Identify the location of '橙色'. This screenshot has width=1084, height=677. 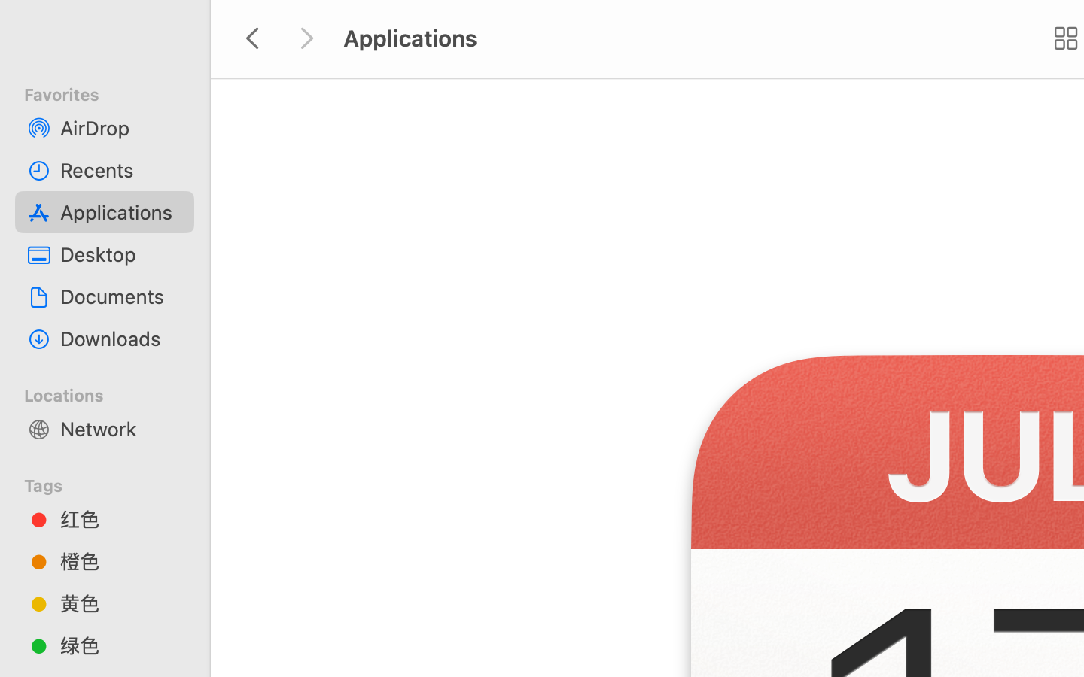
(120, 560).